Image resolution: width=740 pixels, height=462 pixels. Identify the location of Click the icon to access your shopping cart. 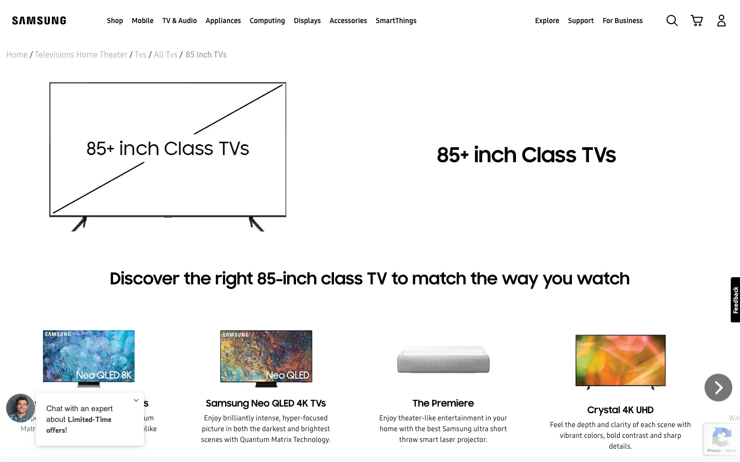
(696, 20).